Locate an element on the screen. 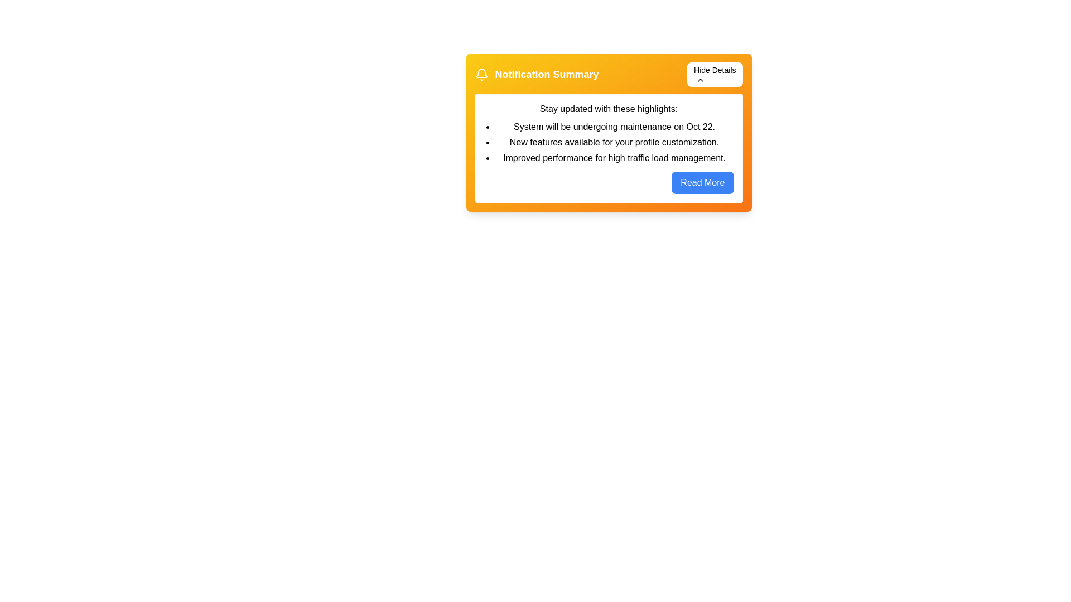 This screenshot has width=1071, height=602. the 'Read More' button to navigate to further information is located at coordinates (702, 182).